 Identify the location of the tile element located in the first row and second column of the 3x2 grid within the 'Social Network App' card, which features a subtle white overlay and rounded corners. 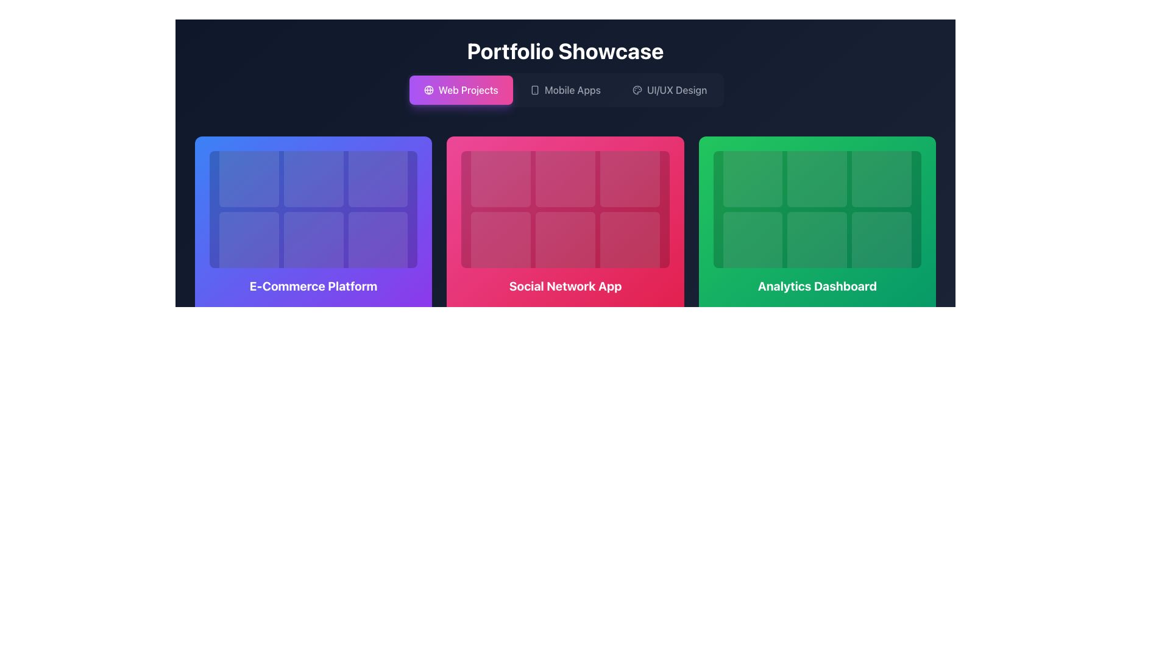
(564, 177).